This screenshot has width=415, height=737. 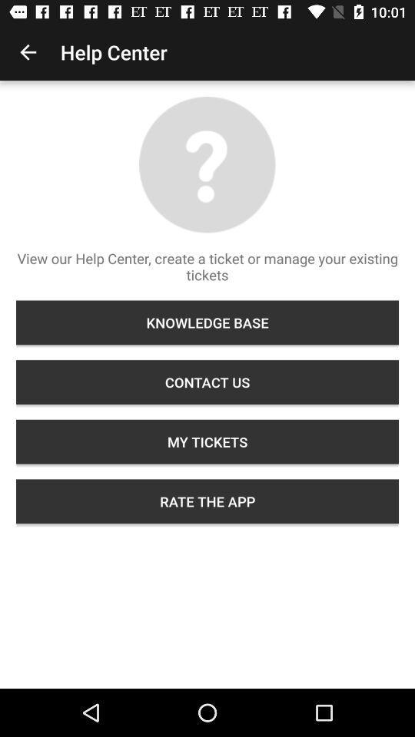 I want to click on the icon below my tickets, so click(x=207, y=501).